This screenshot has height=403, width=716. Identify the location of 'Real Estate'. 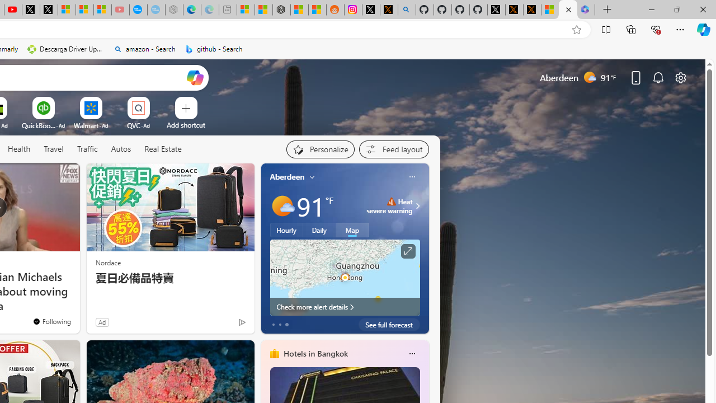
(162, 148).